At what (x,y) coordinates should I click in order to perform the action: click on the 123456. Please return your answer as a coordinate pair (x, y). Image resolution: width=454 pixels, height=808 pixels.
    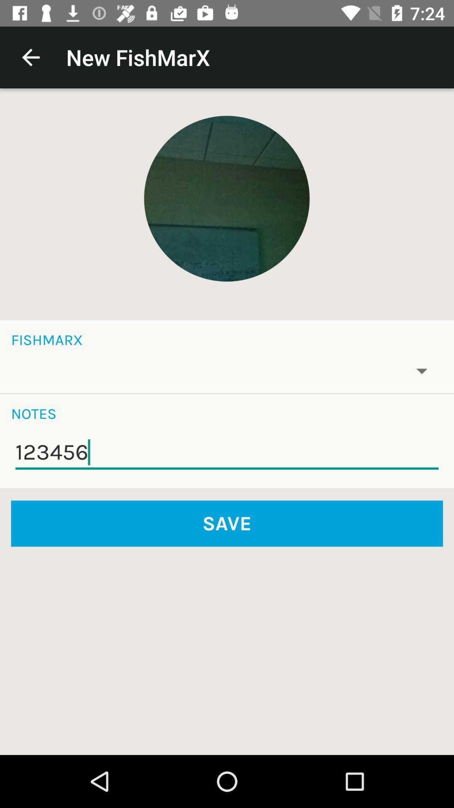
    Looking at the image, I should click on (227, 452).